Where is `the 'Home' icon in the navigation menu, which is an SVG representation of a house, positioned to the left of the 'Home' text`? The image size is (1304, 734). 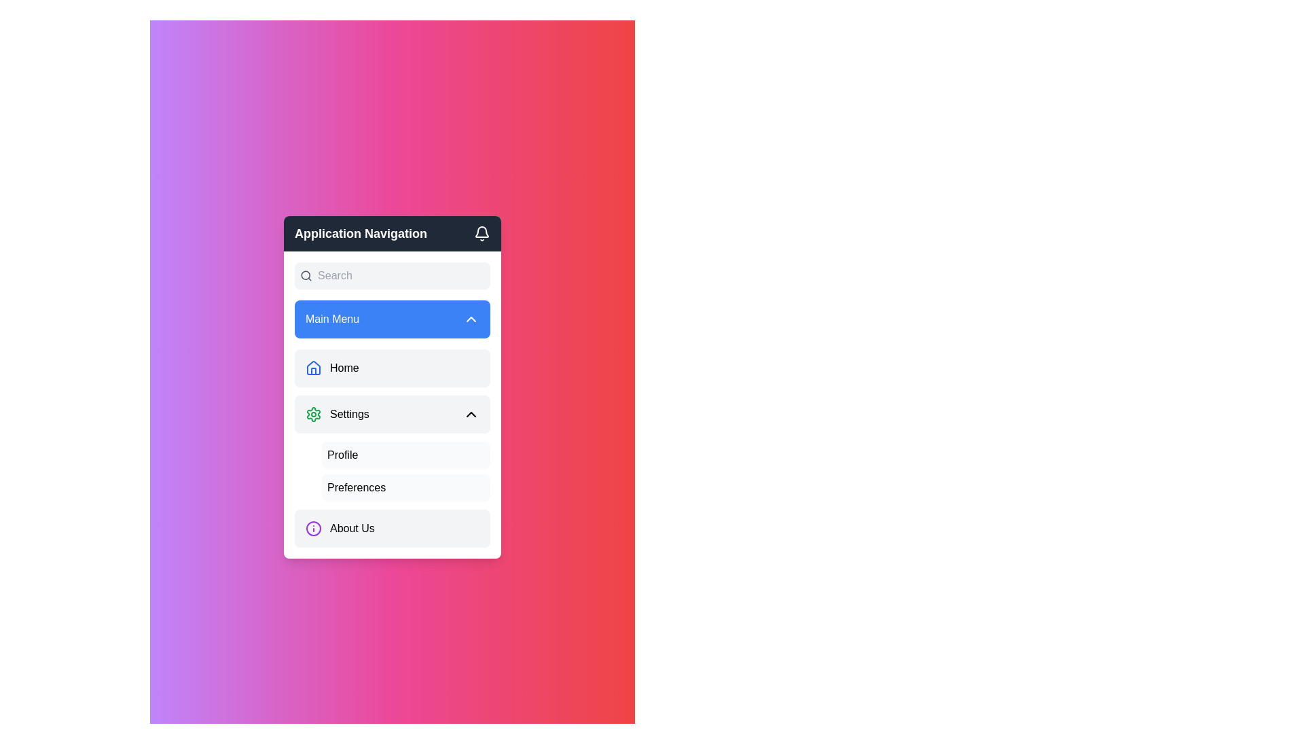
the 'Home' icon in the navigation menu, which is an SVG representation of a house, positioned to the left of the 'Home' text is located at coordinates (312, 368).